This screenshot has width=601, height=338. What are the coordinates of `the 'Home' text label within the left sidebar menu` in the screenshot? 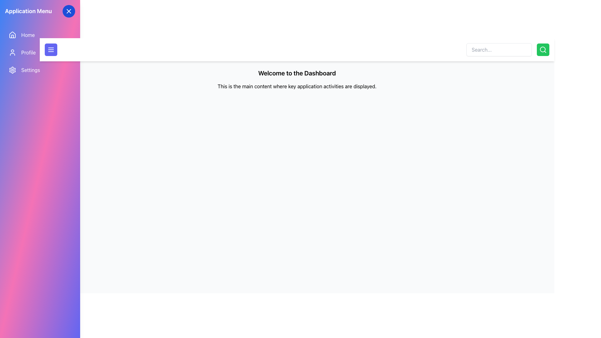 It's located at (28, 35).